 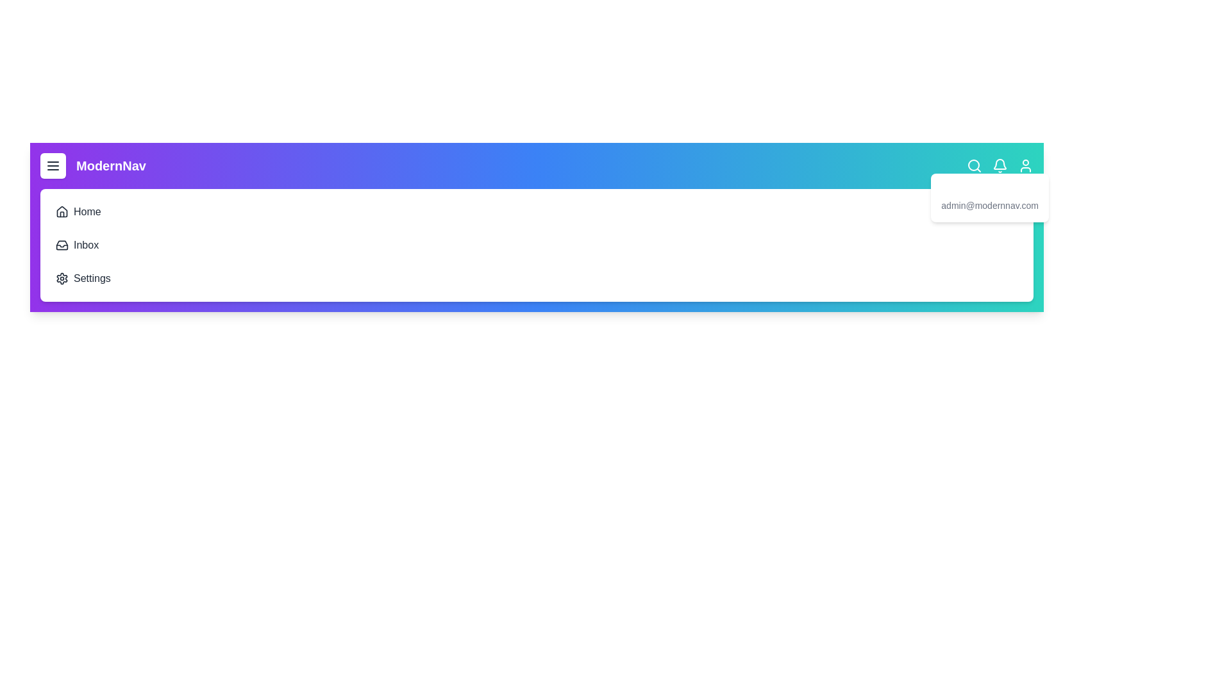 What do you see at coordinates (975, 165) in the screenshot?
I see `the search icon in the navigation bar` at bounding box center [975, 165].